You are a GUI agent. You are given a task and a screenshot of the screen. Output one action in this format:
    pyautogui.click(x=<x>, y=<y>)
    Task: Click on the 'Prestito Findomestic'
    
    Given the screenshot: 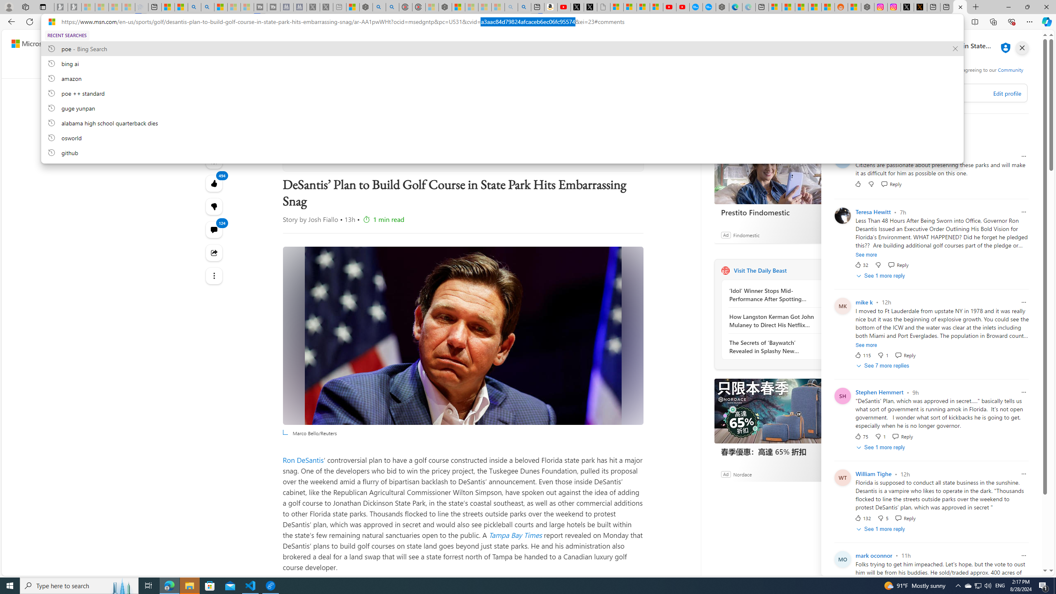 What is the action you would take?
    pyautogui.click(x=775, y=212)
    